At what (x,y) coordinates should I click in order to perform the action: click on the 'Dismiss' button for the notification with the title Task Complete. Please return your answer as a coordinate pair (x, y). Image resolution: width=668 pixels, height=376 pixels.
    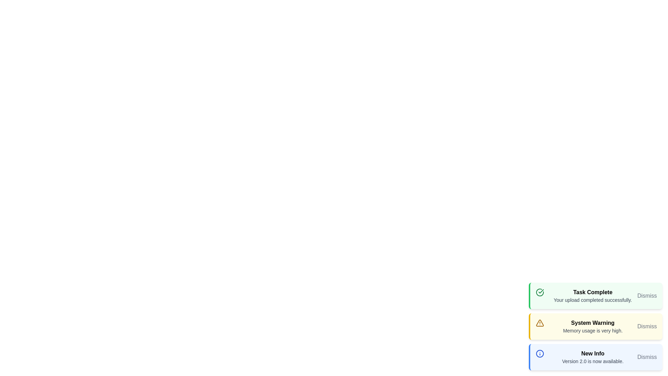
    Looking at the image, I should click on (647, 296).